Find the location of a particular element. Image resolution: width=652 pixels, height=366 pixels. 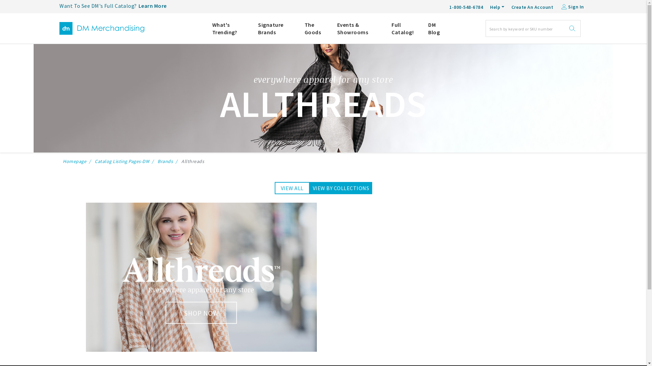

'The Goods' is located at coordinates (315, 28).